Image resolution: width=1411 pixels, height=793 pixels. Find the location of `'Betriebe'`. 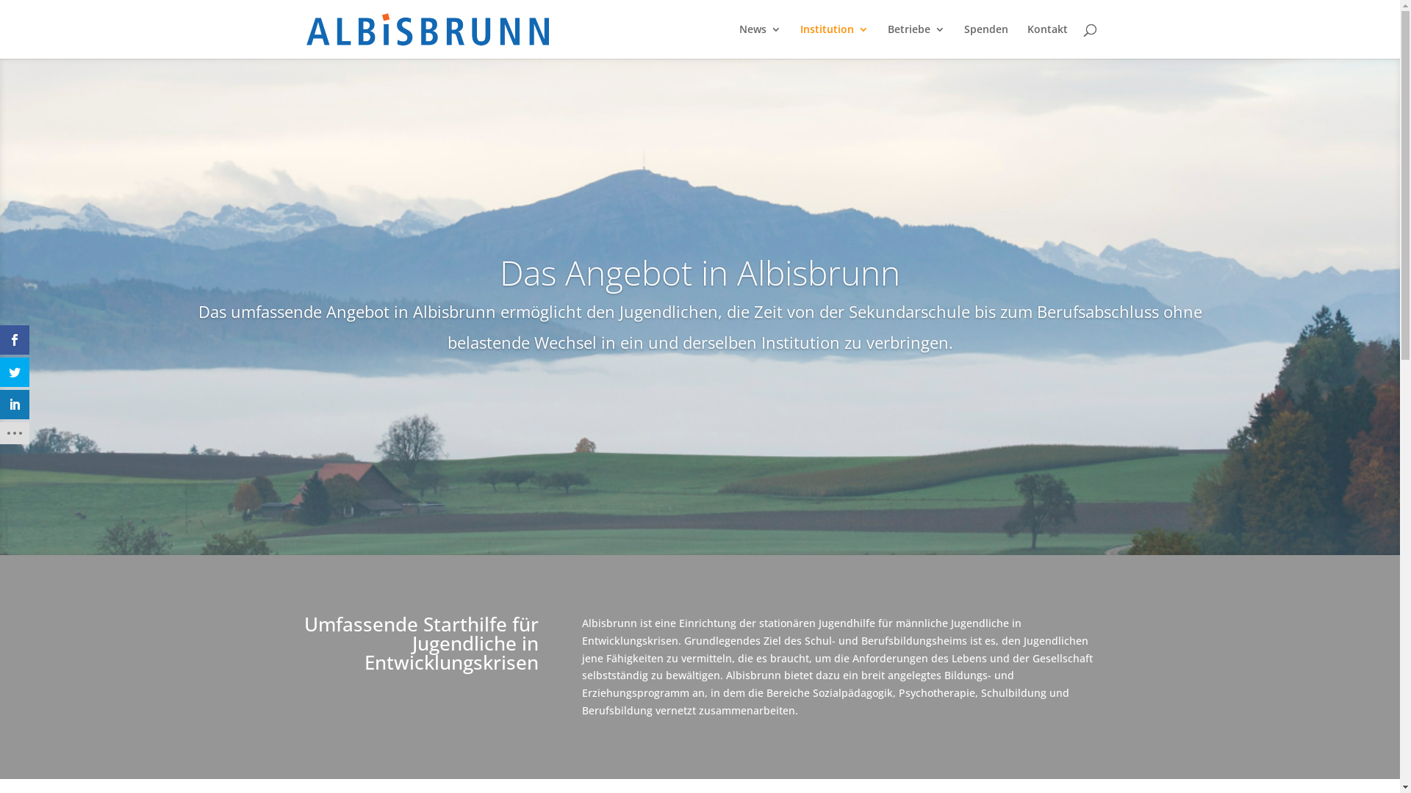

'Betriebe' is located at coordinates (916, 40).